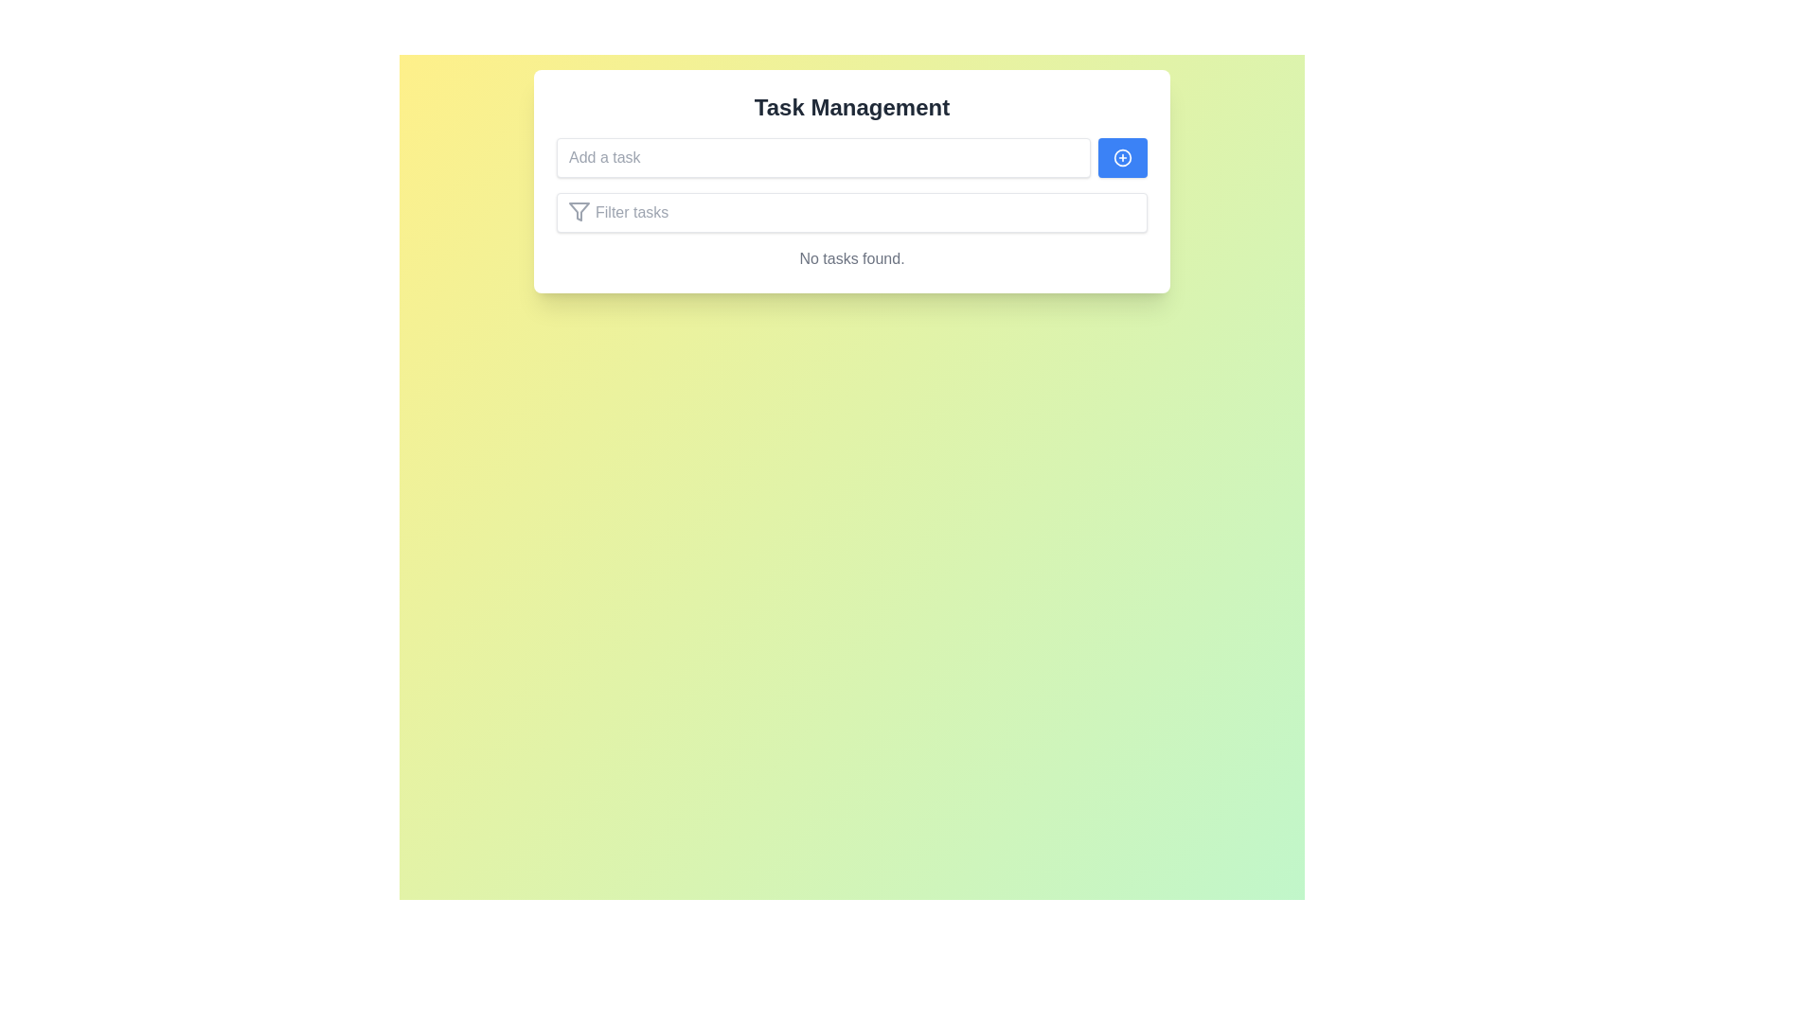 Image resolution: width=1818 pixels, height=1022 pixels. What do you see at coordinates (1122, 156) in the screenshot?
I see `the decorative SVG Circle Element located at the top right of the 'Task Management' card` at bounding box center [1122, 156].